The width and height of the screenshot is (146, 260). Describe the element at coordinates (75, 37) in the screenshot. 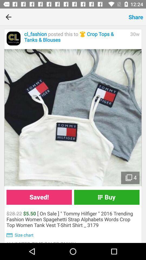

I see `cl_fashion posted this` at that location.